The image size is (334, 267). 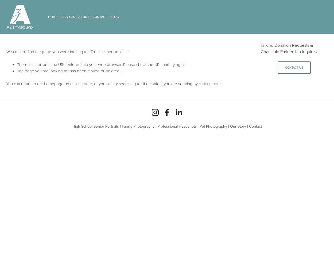 I want to click on 'Family Photography', so click(x=138, y=126).